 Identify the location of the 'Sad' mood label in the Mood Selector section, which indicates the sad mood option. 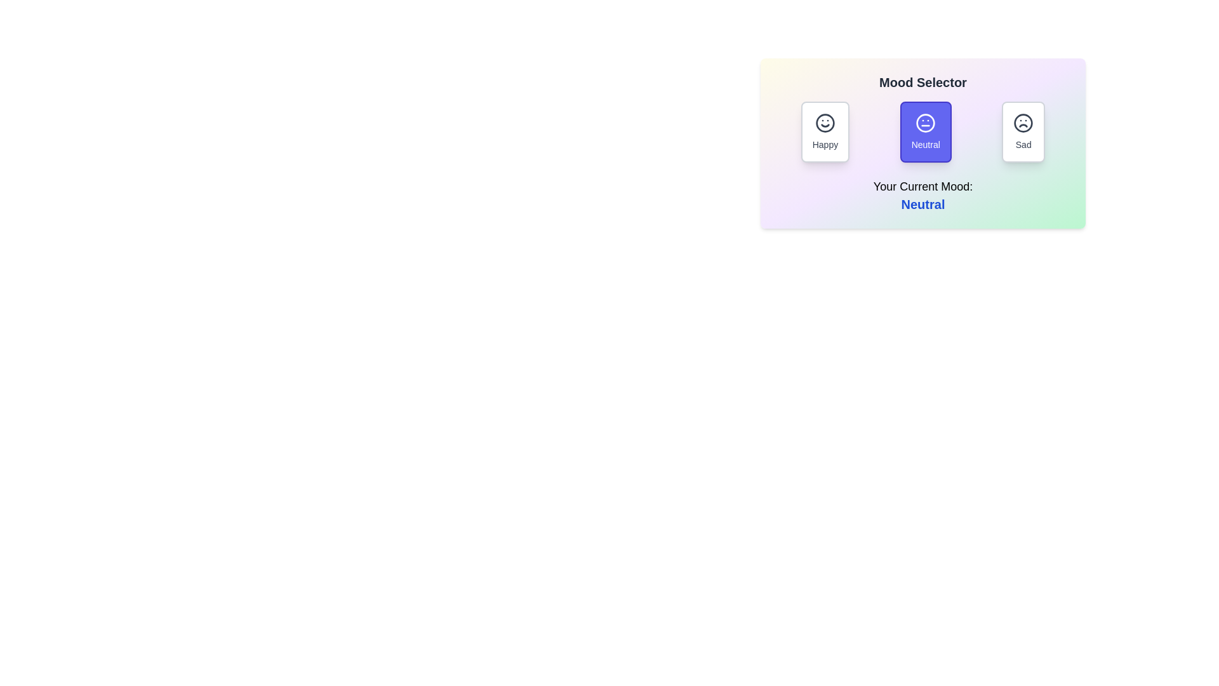
(1023, 144).